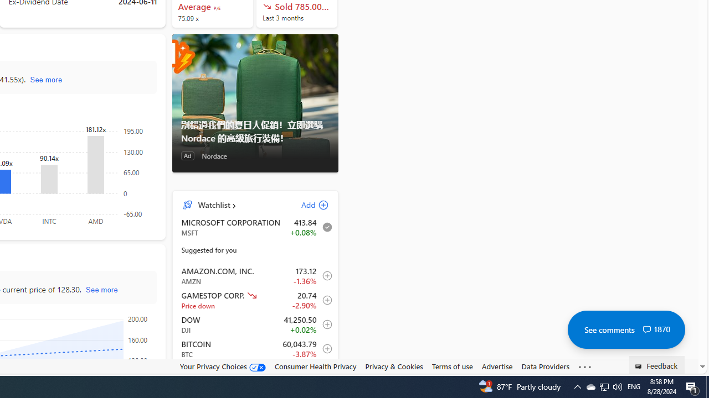 This screenshot has width=709, height=398. Describe the element at coordinates (452, 366) in the screenshot. I see `'Terms of use'` at that location.